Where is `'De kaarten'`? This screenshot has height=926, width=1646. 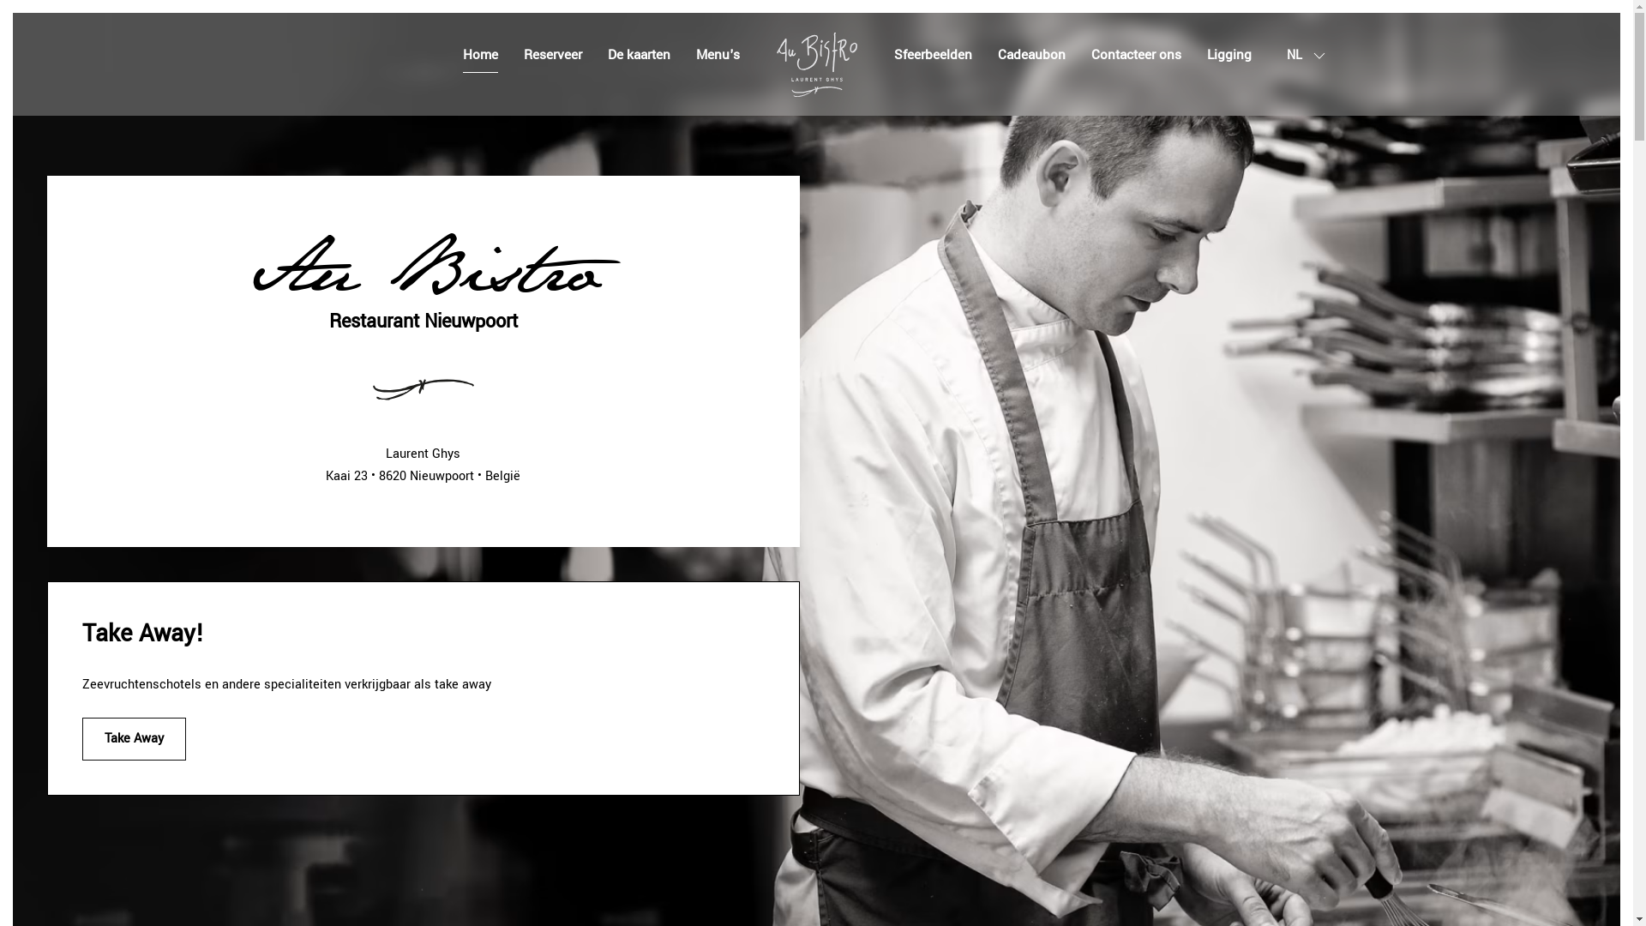
'De kaarten' is located at coordinates (607, 55).